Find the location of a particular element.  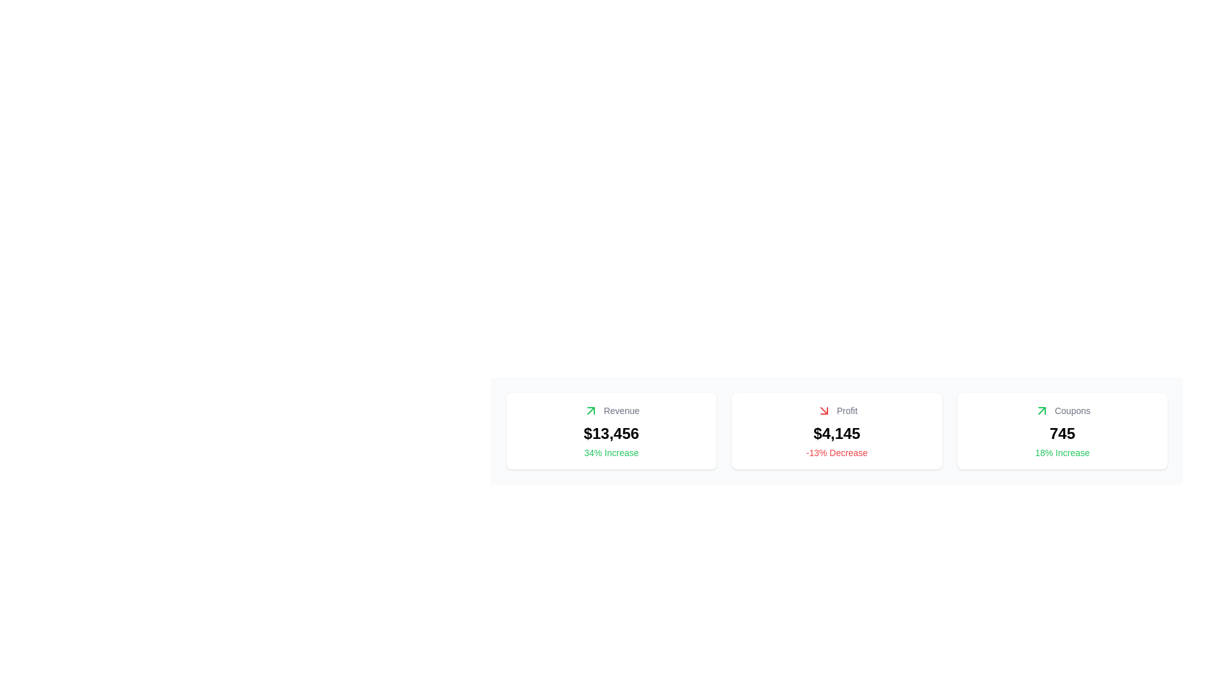

the Text Label displaying the amount '$4,145', which is styled in a bold, large font and is located in the second card labeled 'Profit' between the 'Revenue' and 'Coupons' cards is located at coordinates (837, 433).